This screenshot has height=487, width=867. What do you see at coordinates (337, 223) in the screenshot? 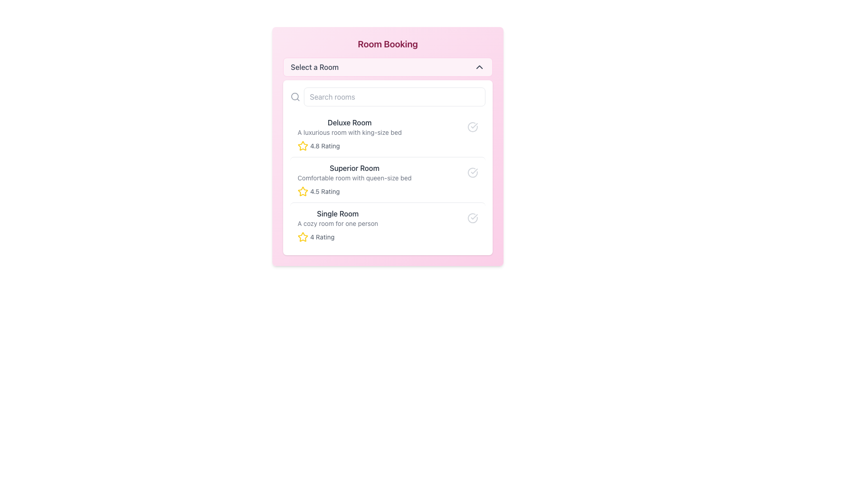
I see `the informative text label describing the cozy single room, located directly below the 'Single Room' title in the lower part of the room option grouping` at bounding box center [337, 223].